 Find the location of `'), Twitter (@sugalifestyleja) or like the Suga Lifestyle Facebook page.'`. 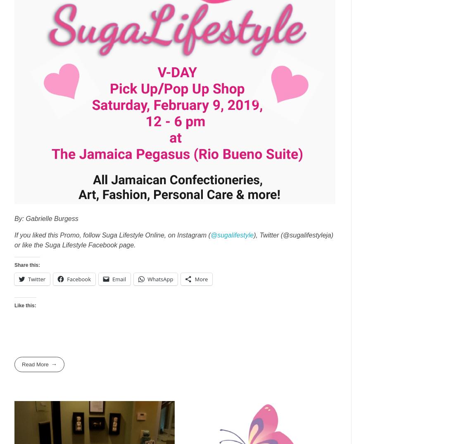

'), Twitter (@sugalifestyleja) or like the Suga Lifestyle Facebook page.' is located at coordinates (174, 240).